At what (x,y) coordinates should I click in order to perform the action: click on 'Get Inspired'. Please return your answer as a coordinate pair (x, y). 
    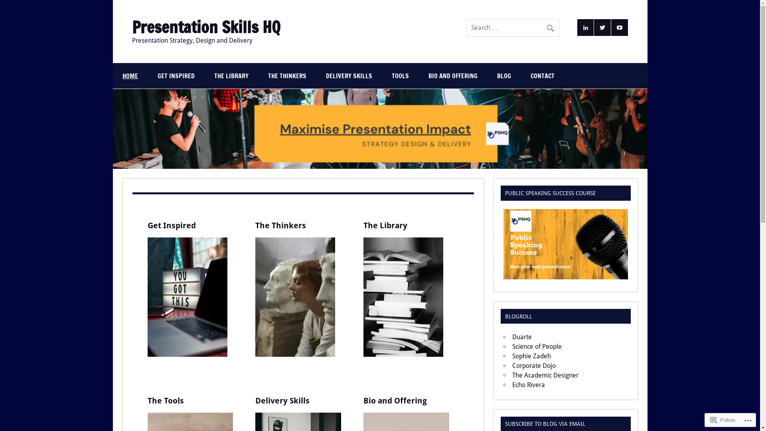
    Looking at the image, I should click on (171, 225).